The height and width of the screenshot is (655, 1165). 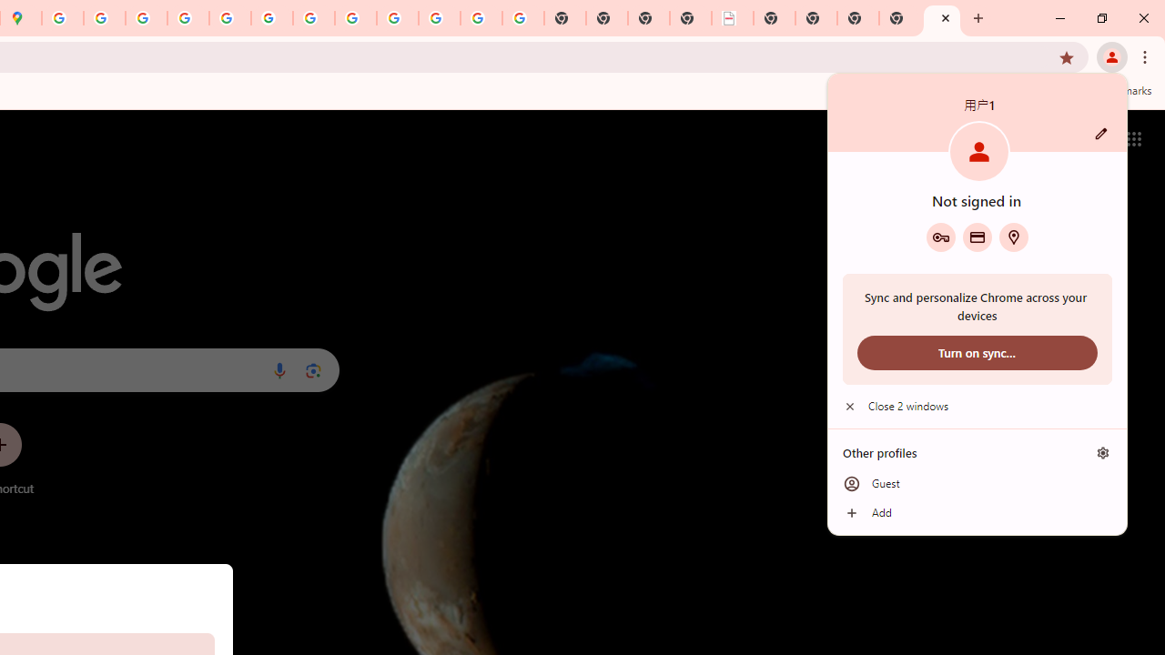 I want to click on 'Customize profile', so click(x=1100, y=133).